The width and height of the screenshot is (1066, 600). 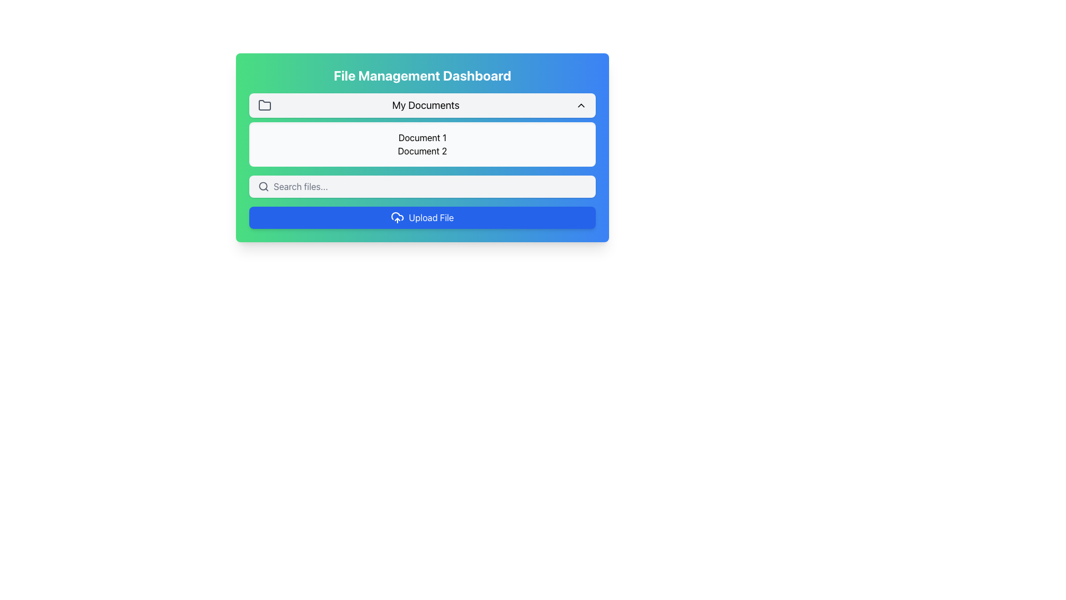 I want to click on the magnifying glass icon located at the far left of the search input field, which is represented by a light gray rounded rectangle and precedes the input field placeholder text 'Search files...', so click(x=263, y=186).